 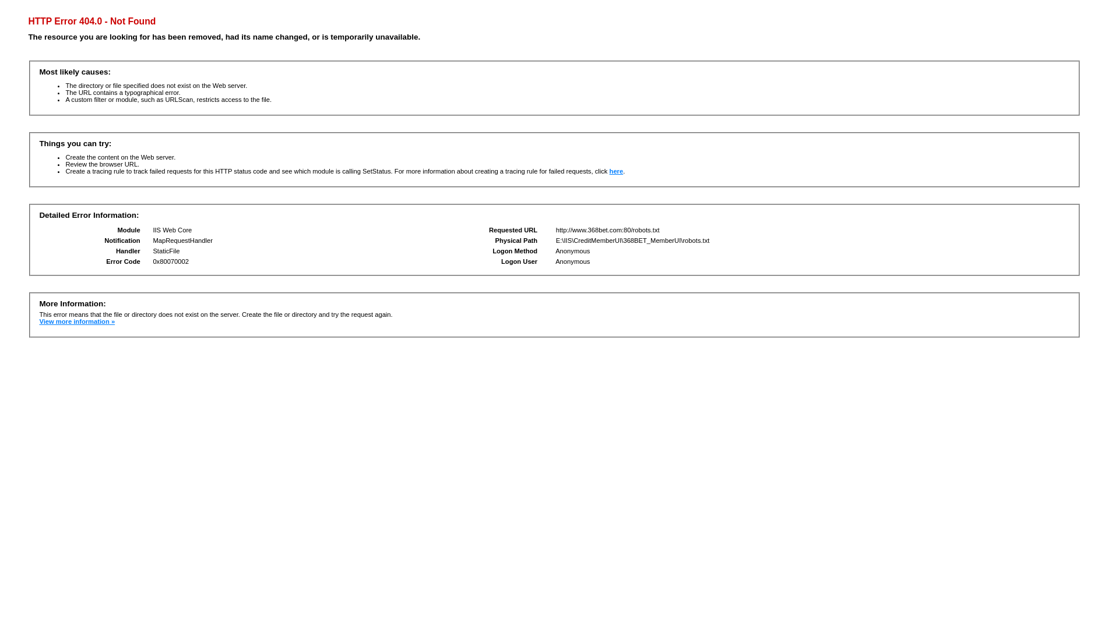 I want to click on 'here', so click(x=615, y=171).